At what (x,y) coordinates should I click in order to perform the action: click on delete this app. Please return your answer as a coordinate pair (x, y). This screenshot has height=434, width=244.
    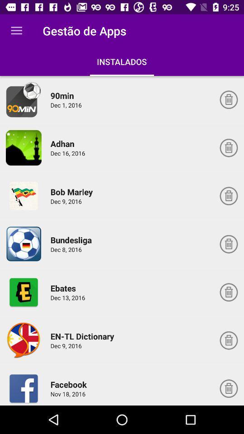
    Looking at the image, I should click on (228, 340).